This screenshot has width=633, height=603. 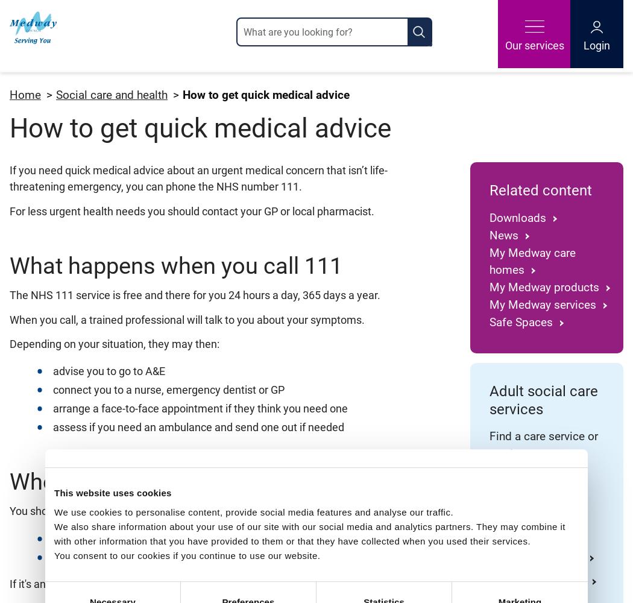 I want to click on 'Home', so click(x=25, y=95).